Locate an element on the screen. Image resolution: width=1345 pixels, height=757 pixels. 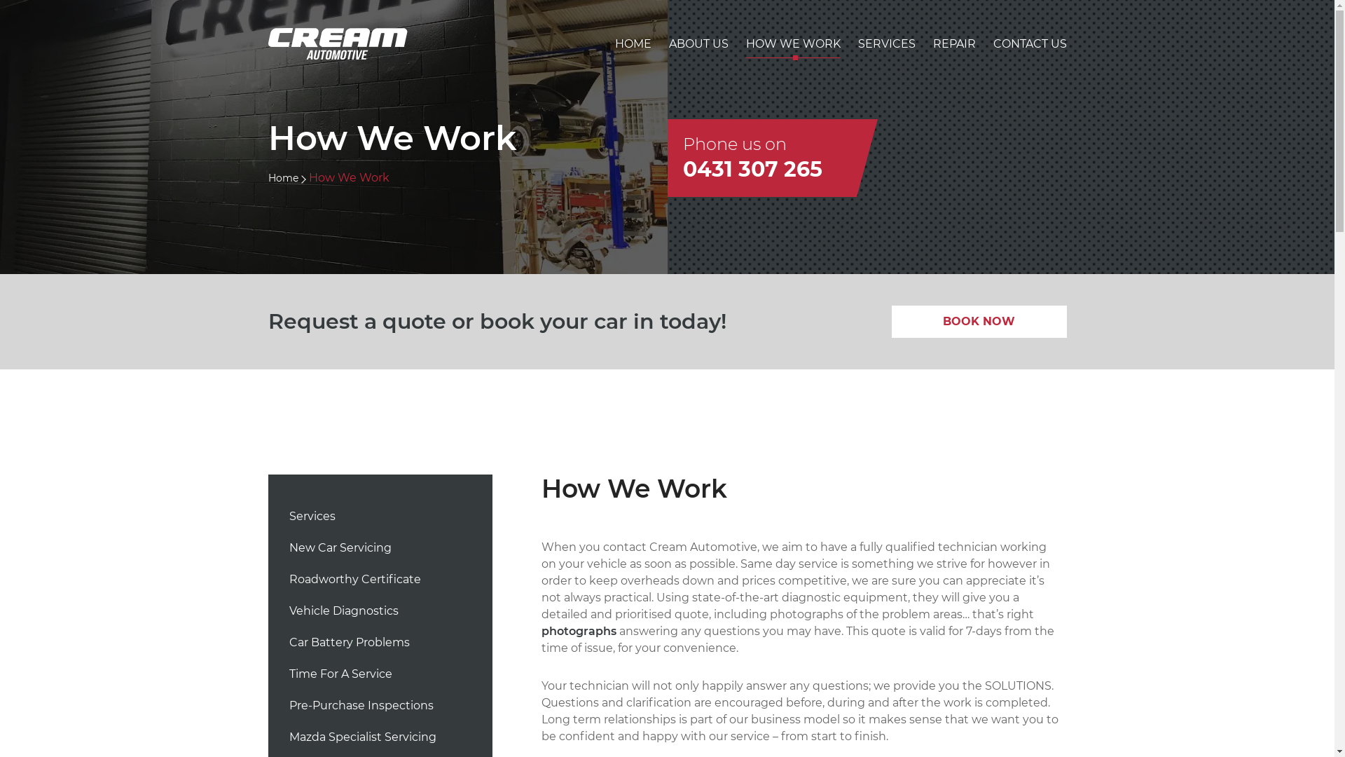
'Time For A Service' is located at coordinates (340, 678).